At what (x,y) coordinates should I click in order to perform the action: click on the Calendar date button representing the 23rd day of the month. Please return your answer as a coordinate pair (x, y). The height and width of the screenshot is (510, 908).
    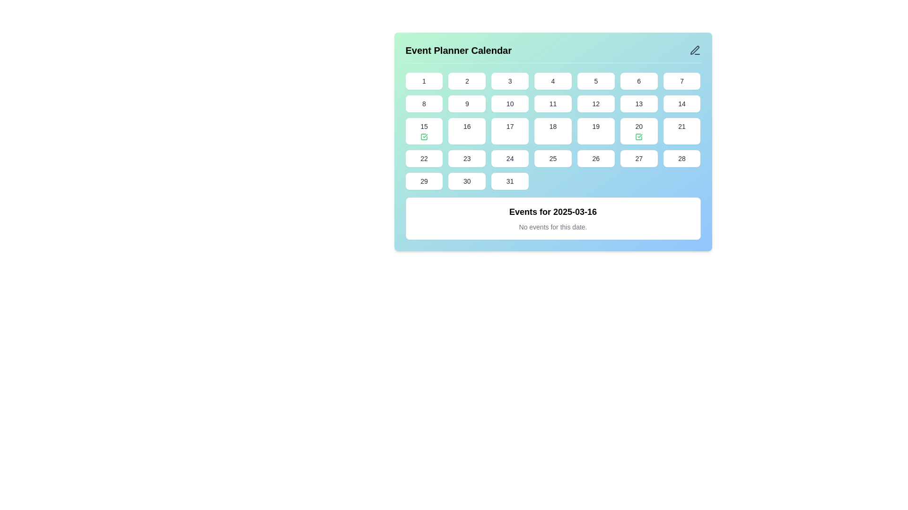
    Looking at the image, I should click on (467, 158).